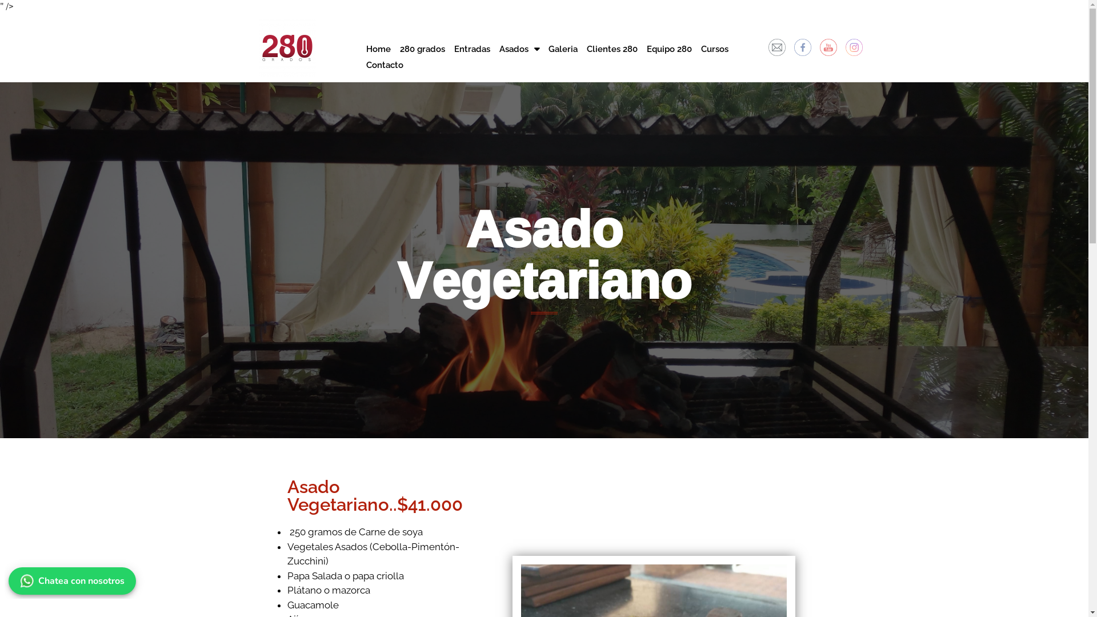 This screenshot has width=1097, height=617. Describe the element at coordinates (472, 48) in the screenshot. I see `'Entradas'` at that location.